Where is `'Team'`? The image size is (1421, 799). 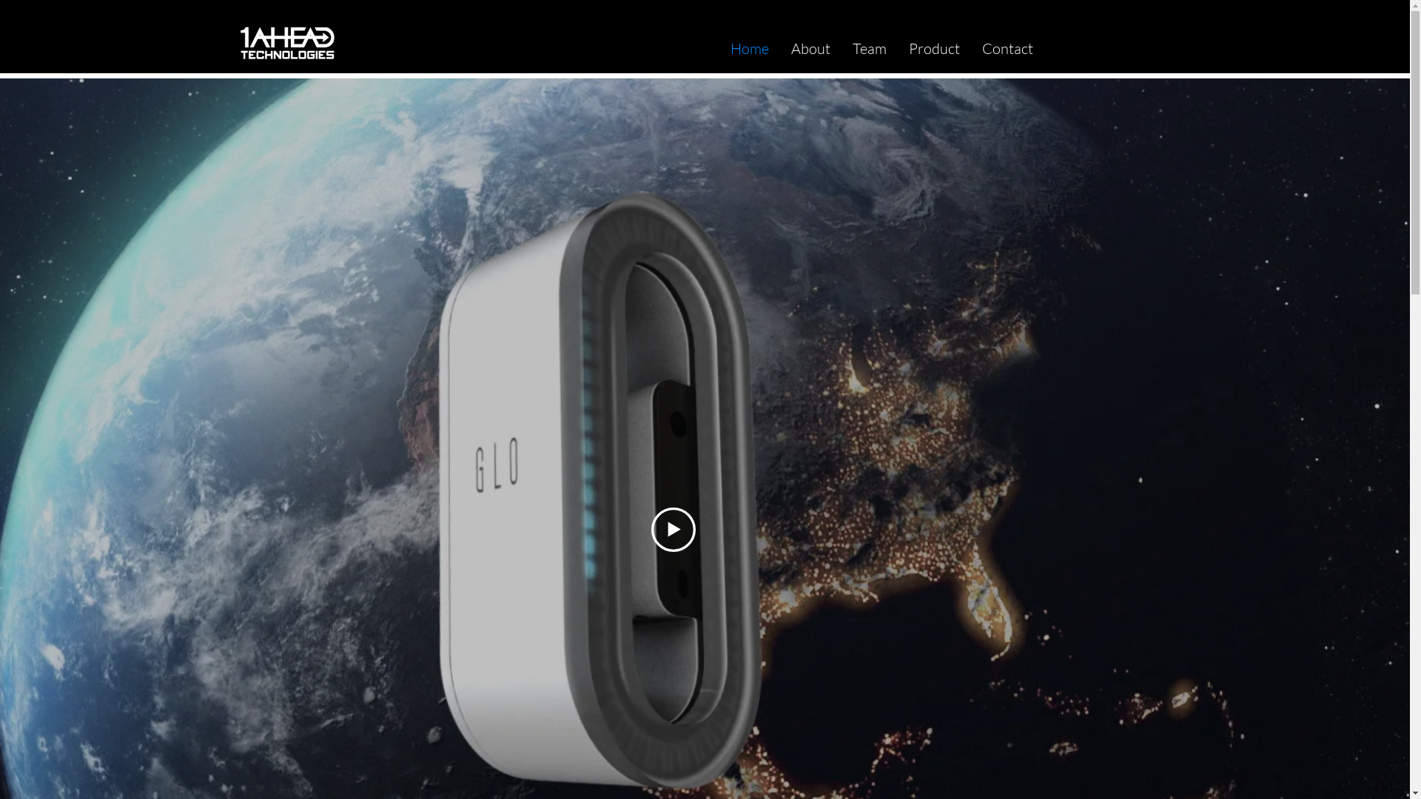 'Team' is located at coordinates (841, 47).